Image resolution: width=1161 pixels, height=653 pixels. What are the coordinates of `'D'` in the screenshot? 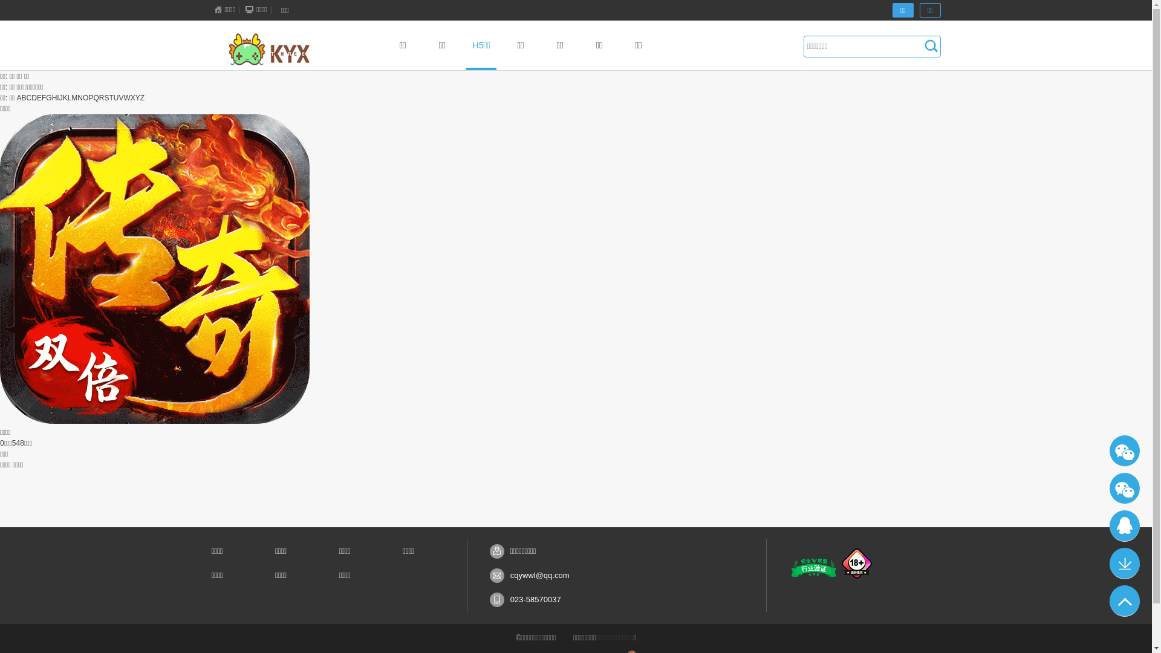 It's located at (34, 97).